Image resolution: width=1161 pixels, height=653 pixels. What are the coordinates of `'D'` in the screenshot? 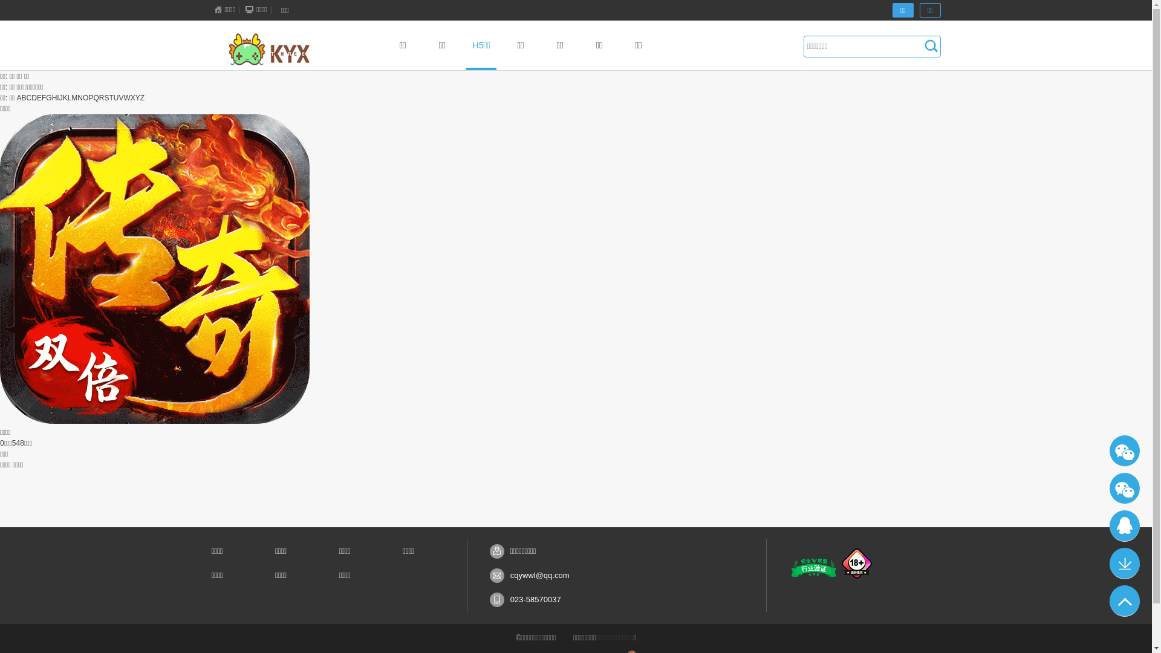 It's located at (34, 97).